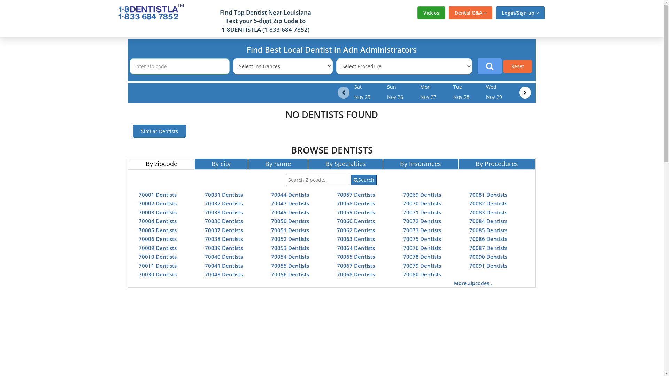  I want to click on 'More Zipcodes..', so click(454, 283).